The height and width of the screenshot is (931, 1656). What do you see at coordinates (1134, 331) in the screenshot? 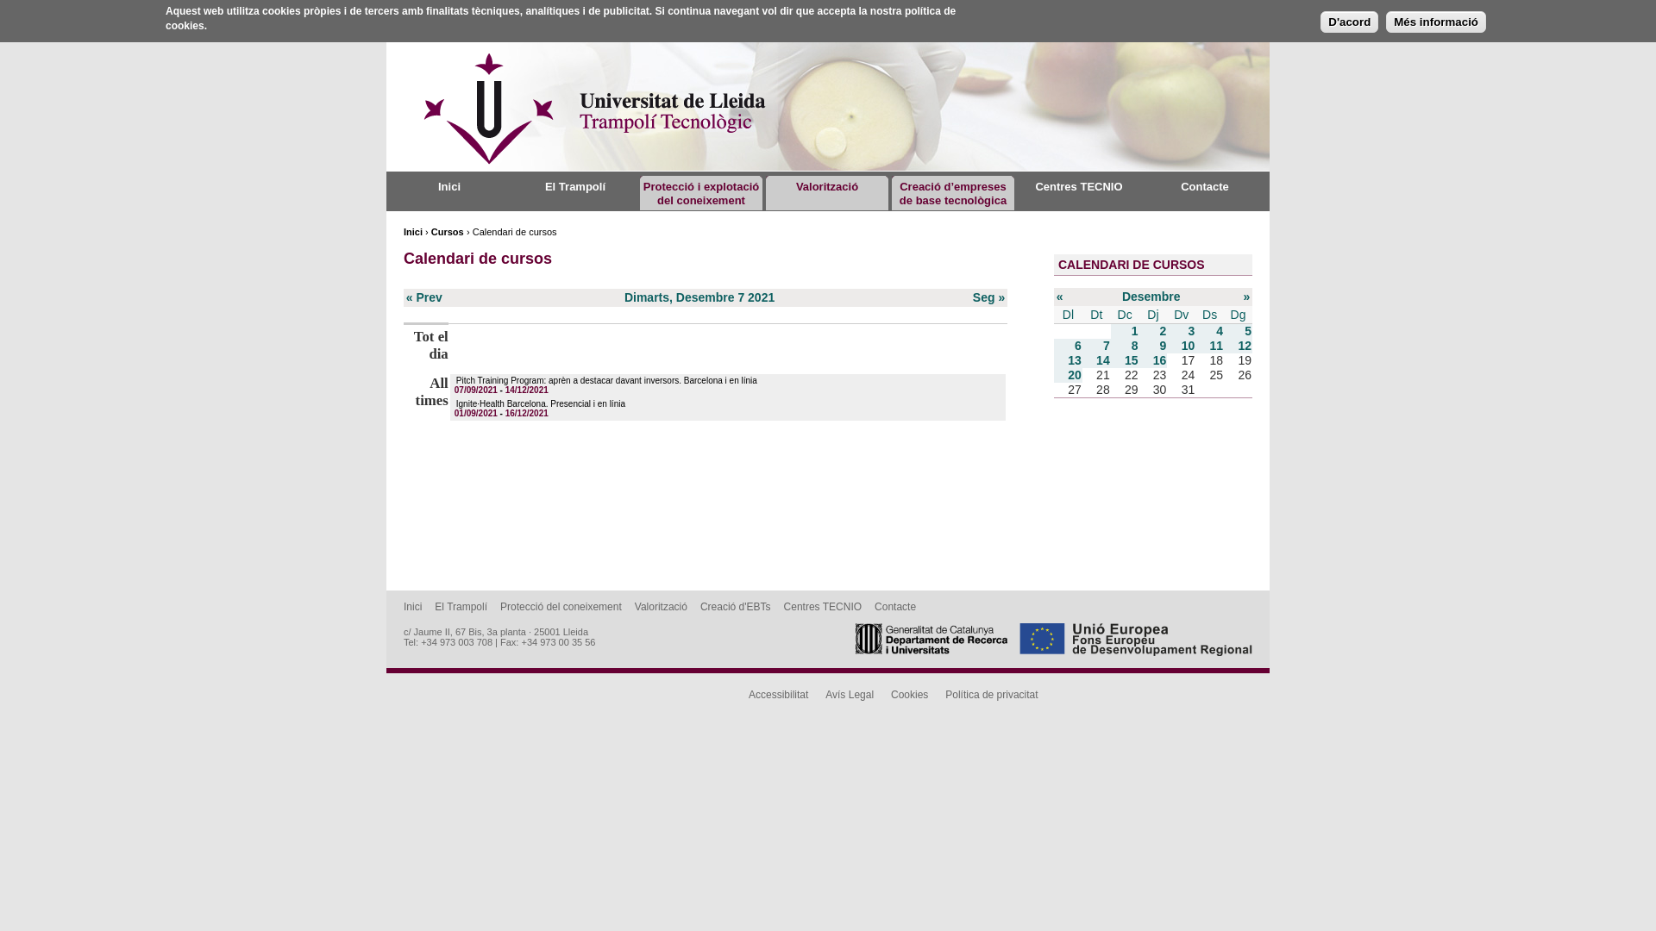
I see `'1'` at bounding box center [1134, 331].